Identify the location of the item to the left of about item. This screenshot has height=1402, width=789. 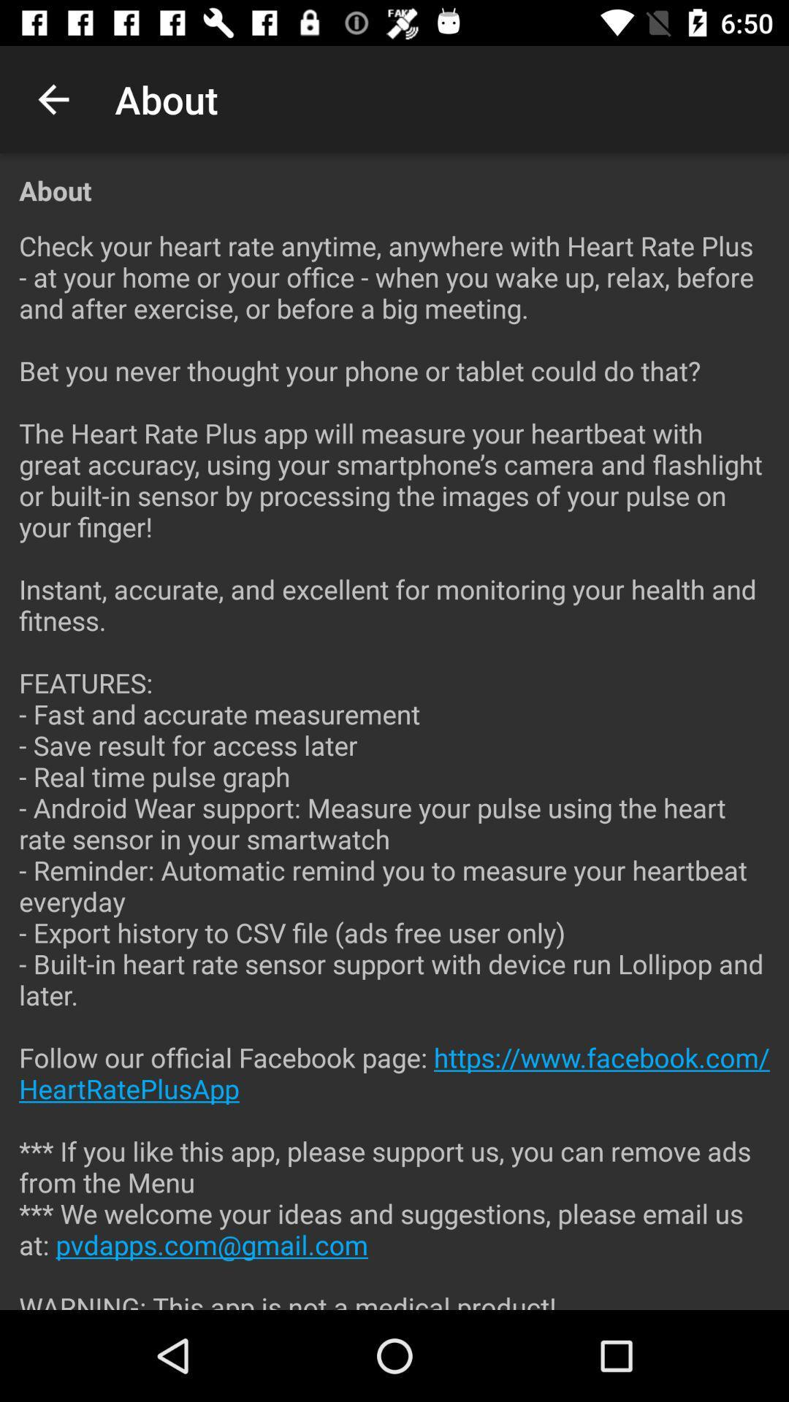
(53, 99).